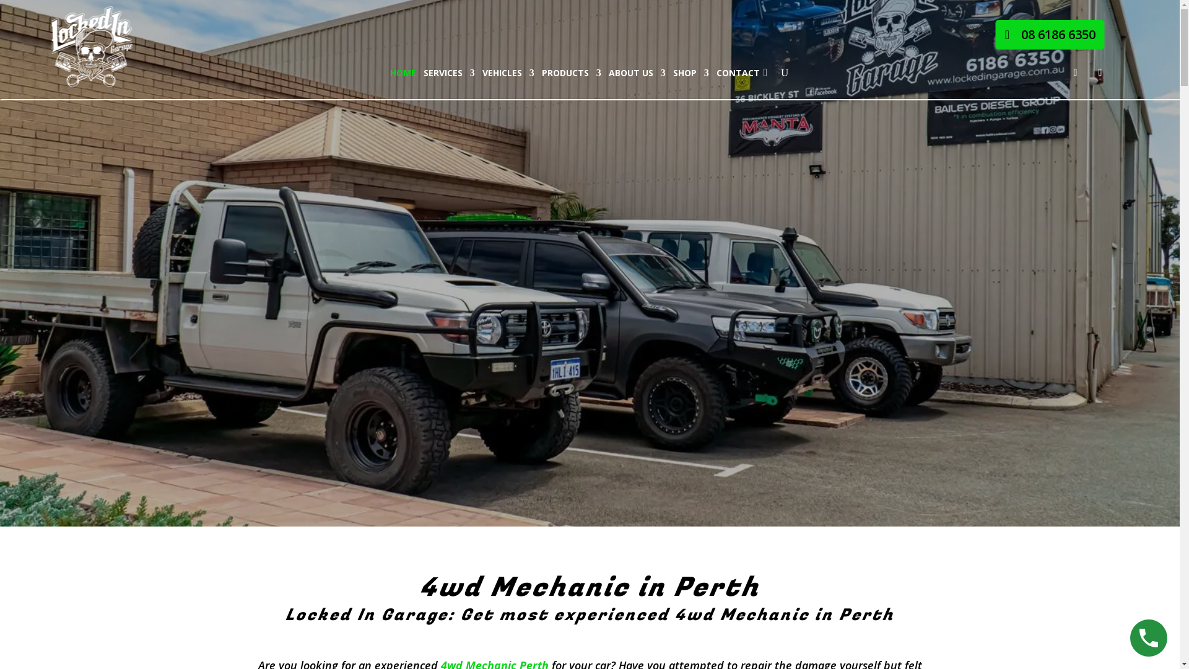 Image resolution: width=1189 pixels, height=669 pixels. What do you see at coordinates (570, 73) in the screenshot?
I see `'PRODUCTS'` at bounding box center [570, 73].